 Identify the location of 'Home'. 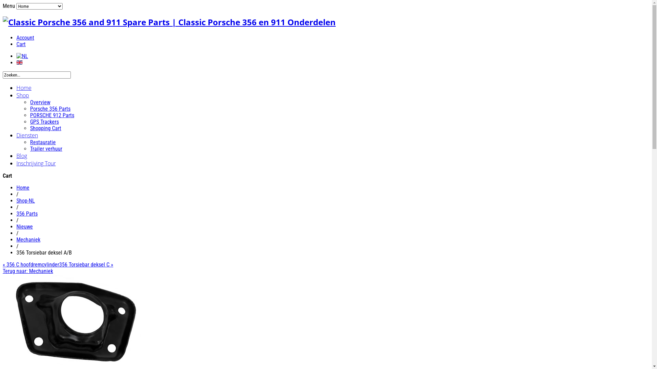
(24, 87).